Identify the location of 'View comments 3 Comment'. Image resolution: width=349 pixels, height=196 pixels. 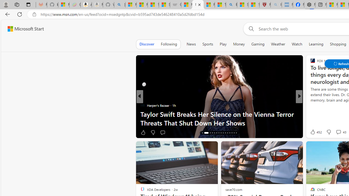
(335, 132).